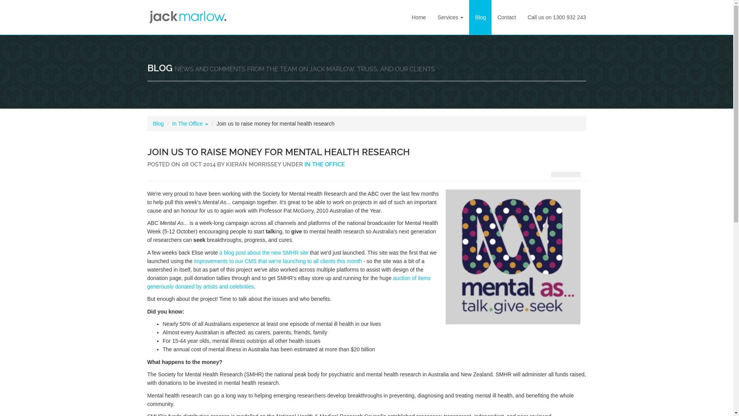 The height and width of the screenshot is (416, 739). I want to click on 'Share on Facebook', so click(550, 174).